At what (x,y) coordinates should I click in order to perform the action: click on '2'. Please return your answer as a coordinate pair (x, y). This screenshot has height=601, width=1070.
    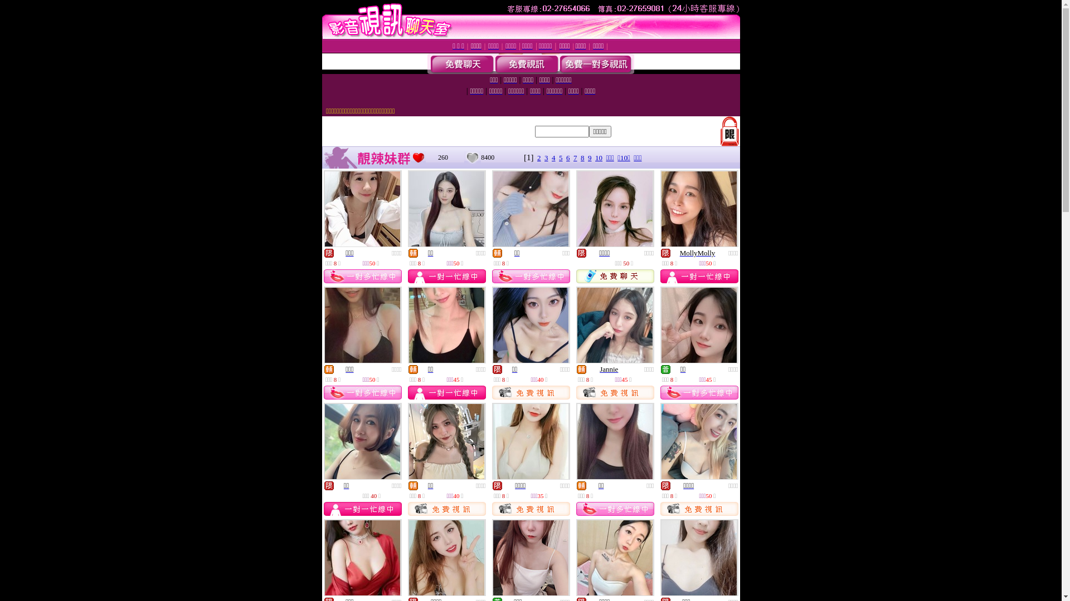
    Looking at the image, I should click on (539, 157).